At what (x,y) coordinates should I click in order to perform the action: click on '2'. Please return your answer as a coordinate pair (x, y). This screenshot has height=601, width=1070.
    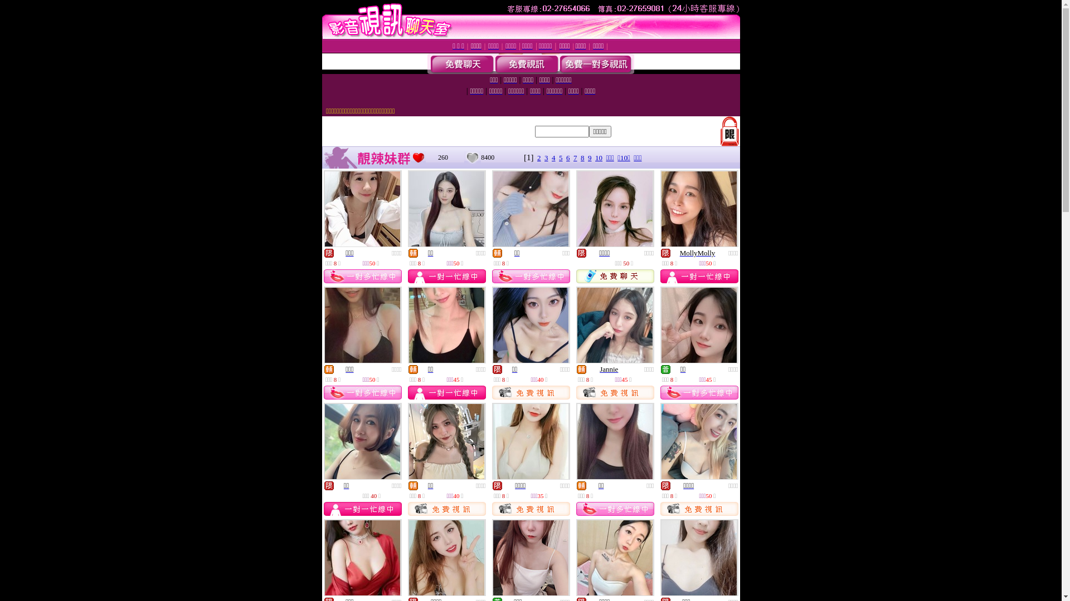
    Looking at the image, I should click on (539, 157).